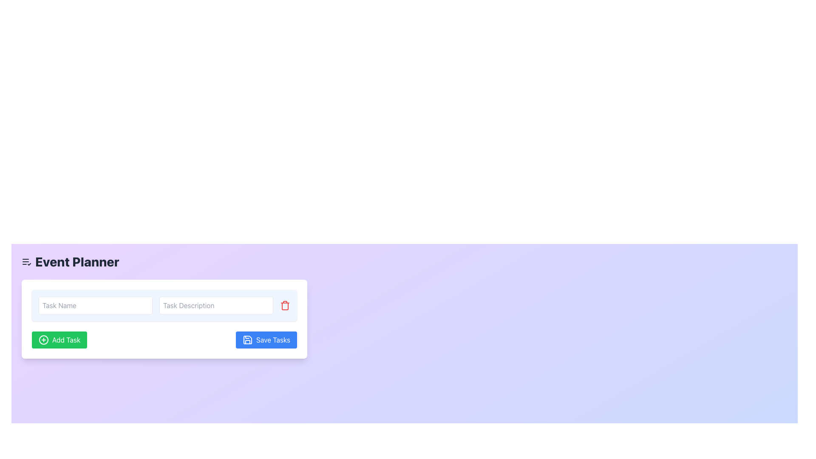  I want to click on the 'Add Task' icon which visually enhances the 'Add Task' button, located towards the left side of the button, so click(43, 339).